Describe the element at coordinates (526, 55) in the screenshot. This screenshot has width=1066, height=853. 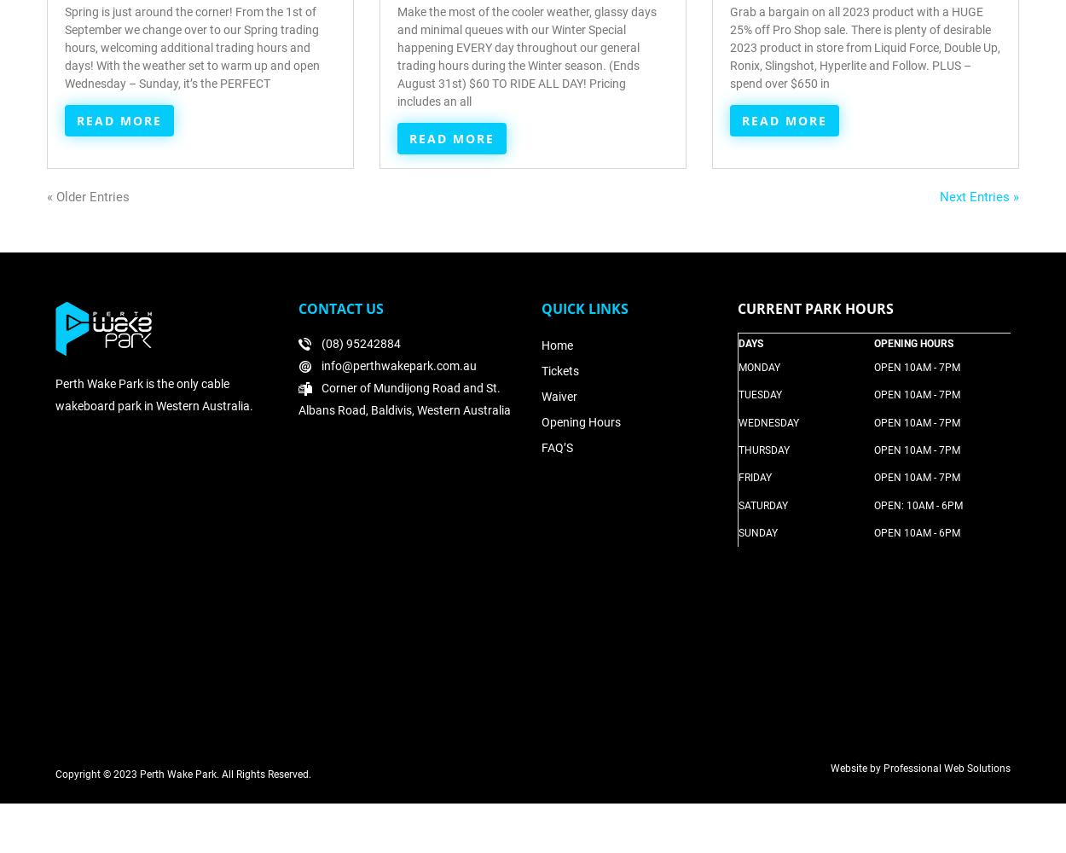
I see `'Make the most of the cooler weather, glassy days and minimal queues with our Winter Special happening EVERY day throughout our general trading hours during the Winter season. (Ends August 31st) $60 TO RIDE ALL DAY! Pricing includes an all'` at that location.